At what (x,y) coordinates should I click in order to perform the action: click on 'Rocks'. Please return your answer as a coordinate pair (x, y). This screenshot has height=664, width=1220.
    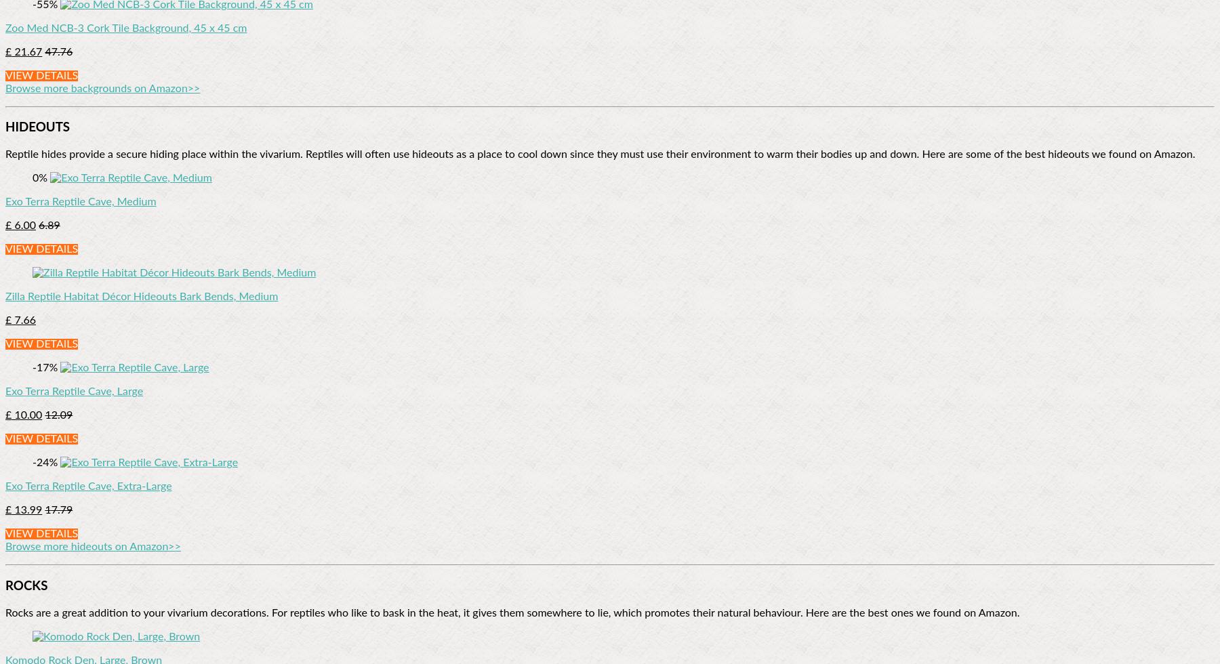
    Looking at the image, I should click on (26, 585).